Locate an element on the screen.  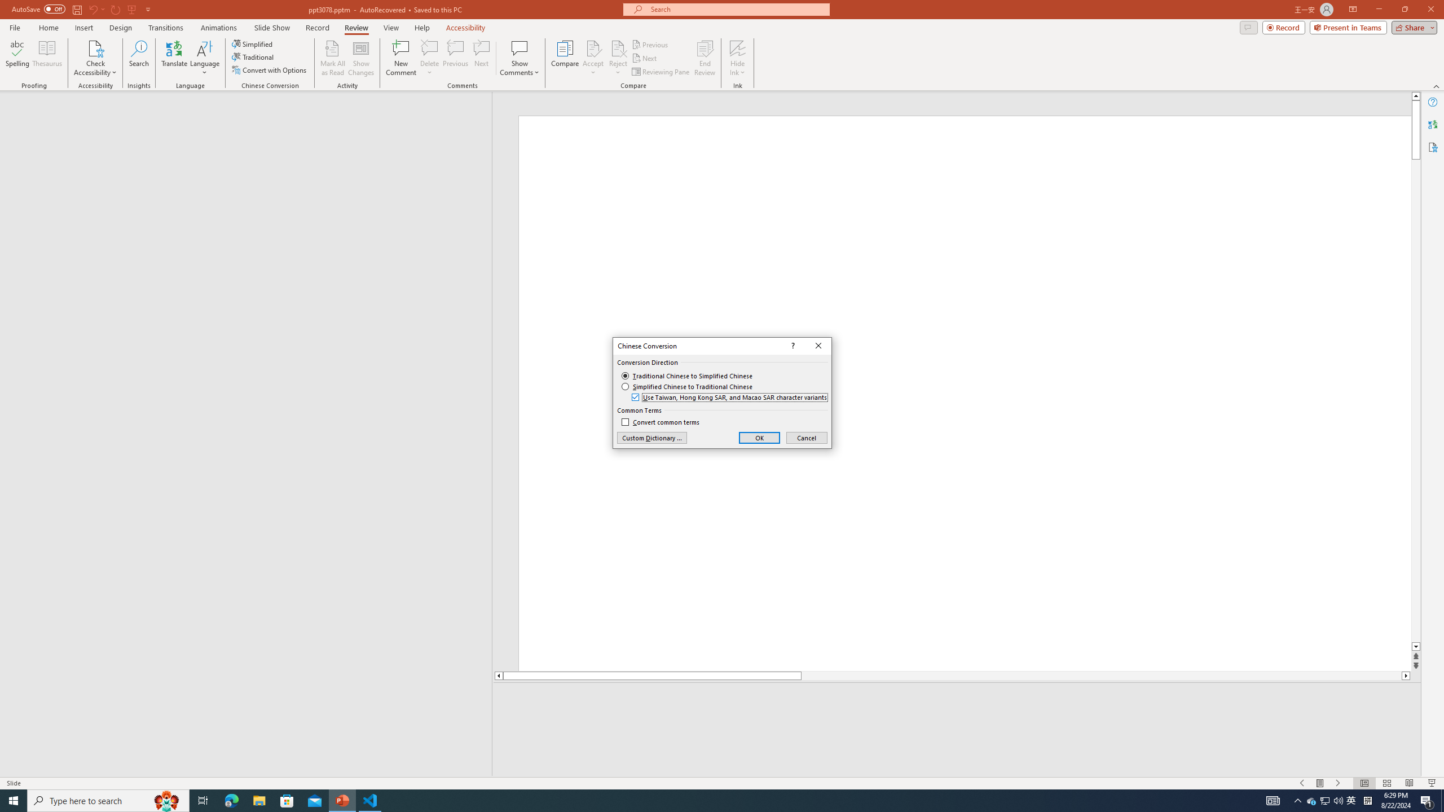
'Simplified' is located at coordinates (253, 43).